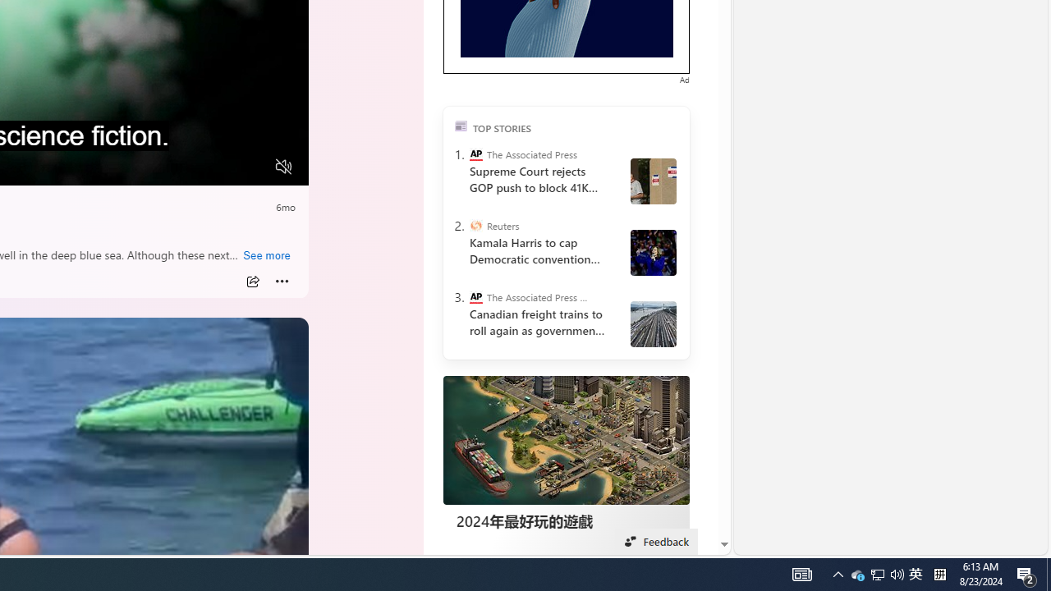 This screenshot has height=591, width=1051. Describe the element at coordinates (475, 226) in the screenshot. I see `'Reuters'` at that location.